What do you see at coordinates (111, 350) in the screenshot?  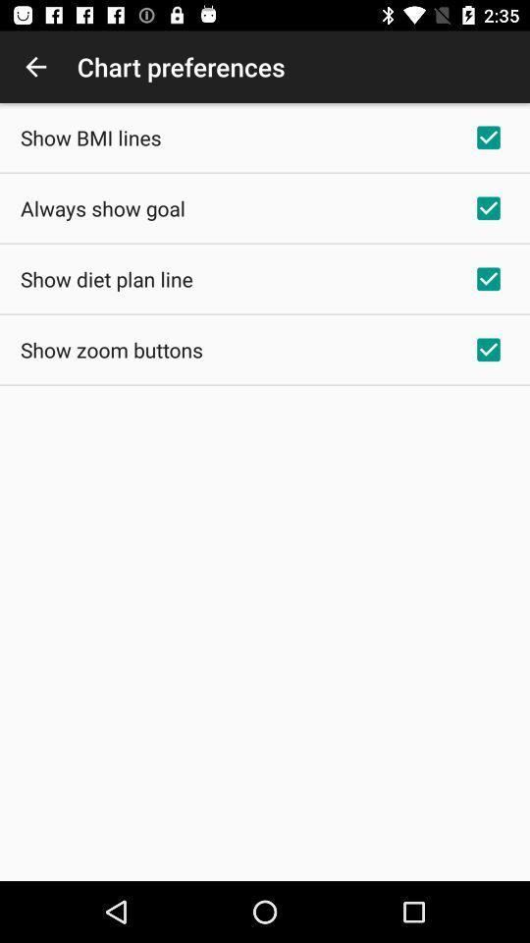 I see `the app on the left` at bounding box center [111, 350].